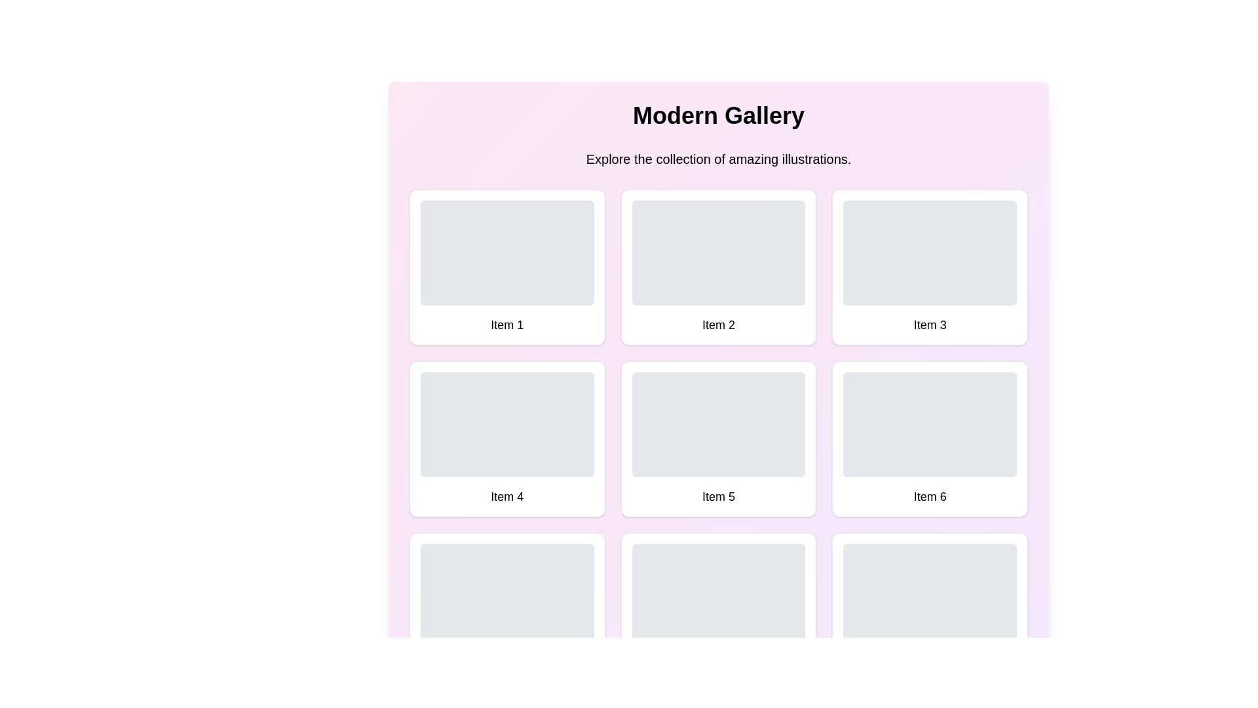 This screenshot has width=1258, height=708. I want to click on the card representing 'Item 6', located in the second row, third column of the grid layout, so click(929, 439).